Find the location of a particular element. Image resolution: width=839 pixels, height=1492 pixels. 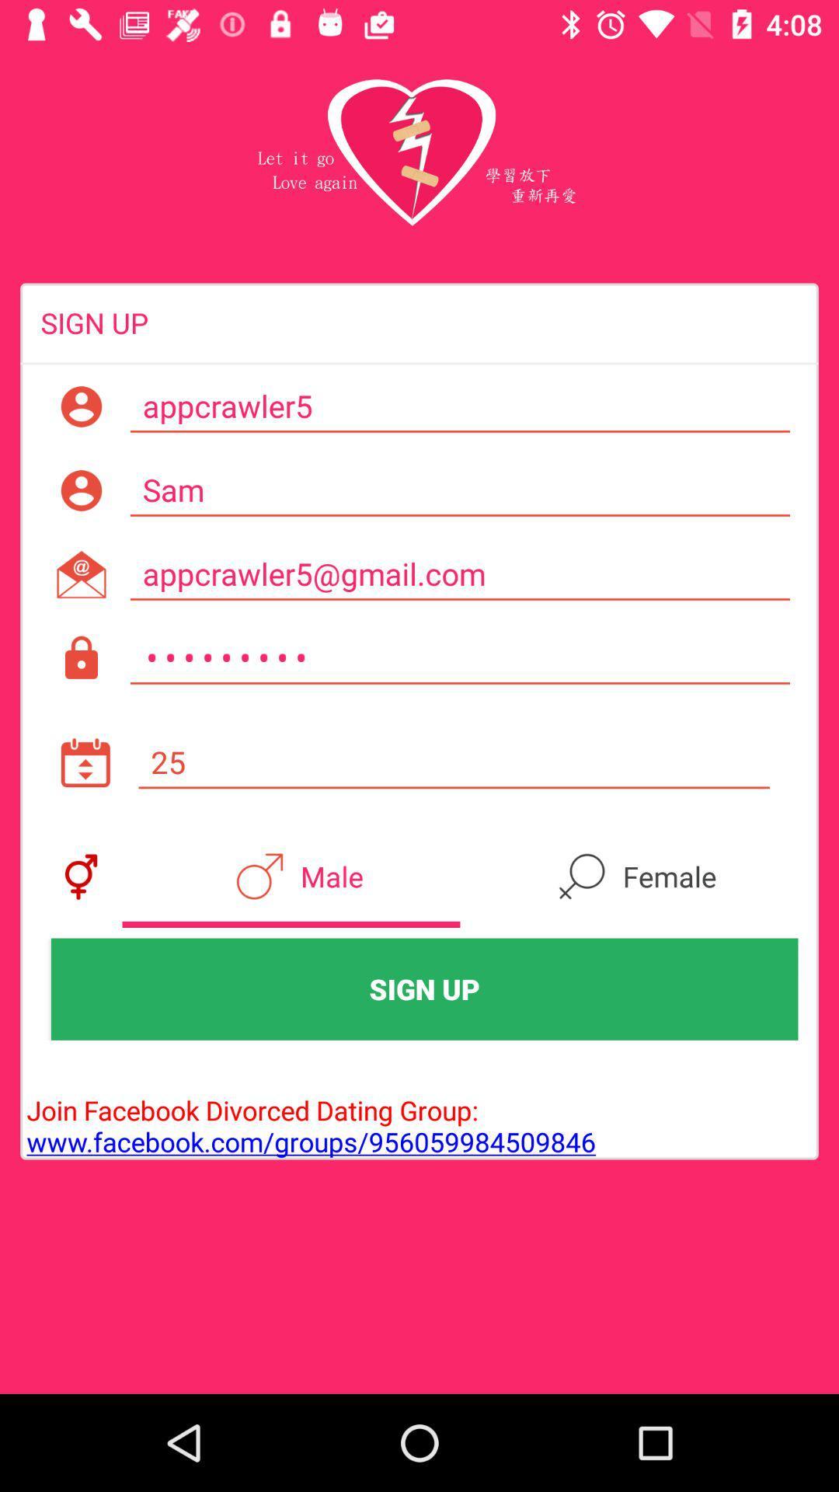

icon above the crowd3116 is located at coordinates (459, 573).